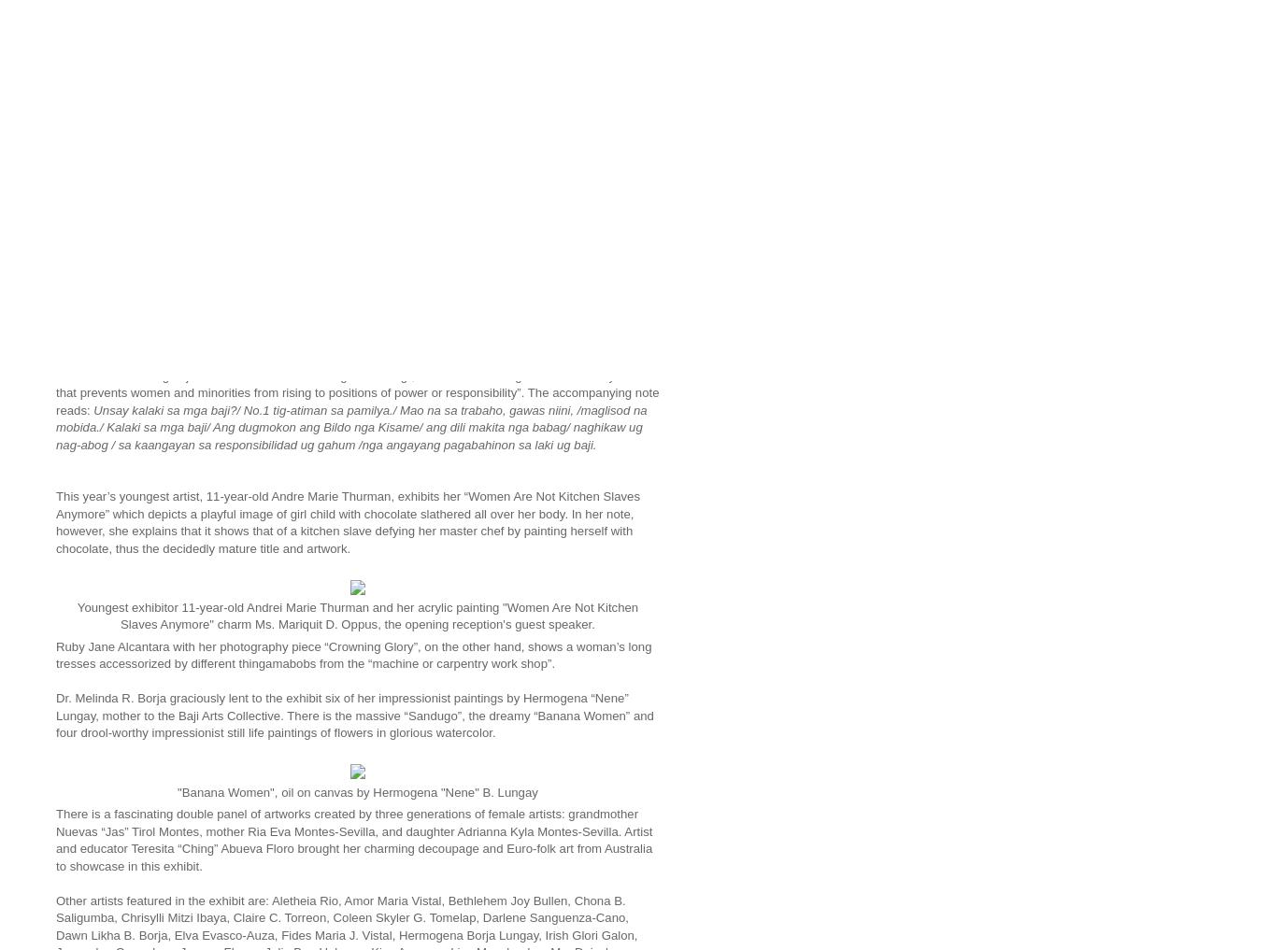  Describe the element at coordinates (148, 156) in the screenshot. I see `'Sunday, March 13, 2016'` at that location.